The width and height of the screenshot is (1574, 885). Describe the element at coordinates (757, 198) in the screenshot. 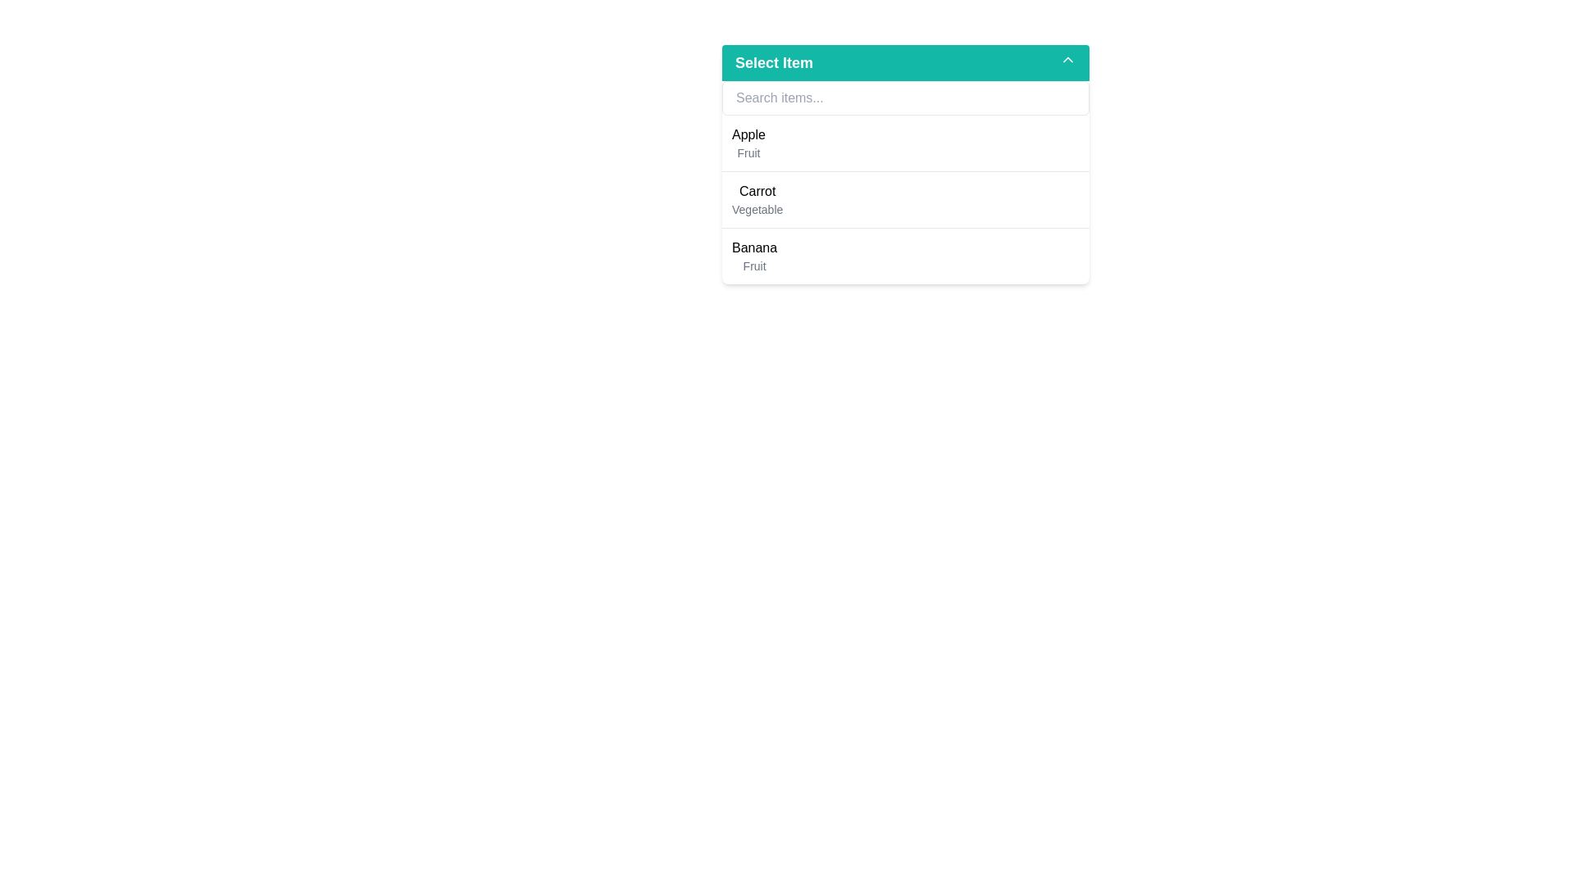

I see `the 'Carrot' option within the dropdown menu` at that location.